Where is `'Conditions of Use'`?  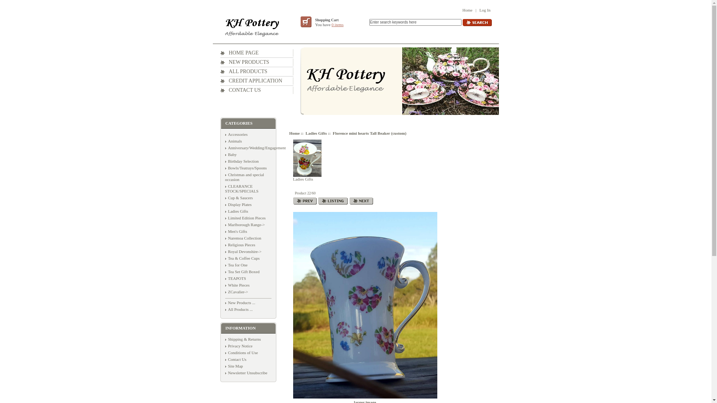
'Conditions of Use' is located at coordinates (241, 353).